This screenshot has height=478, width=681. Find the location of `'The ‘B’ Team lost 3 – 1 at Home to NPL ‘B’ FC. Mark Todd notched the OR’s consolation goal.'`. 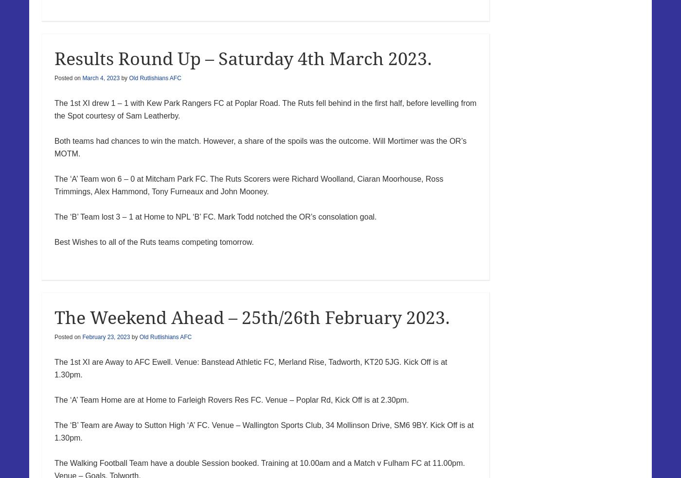

'The ‘B’ Team lost 3 – 1 at Home to NPL ‘B’ FC. Mark Todd notched the OR’s consolation goal.' is located at coordinates (215, 216).